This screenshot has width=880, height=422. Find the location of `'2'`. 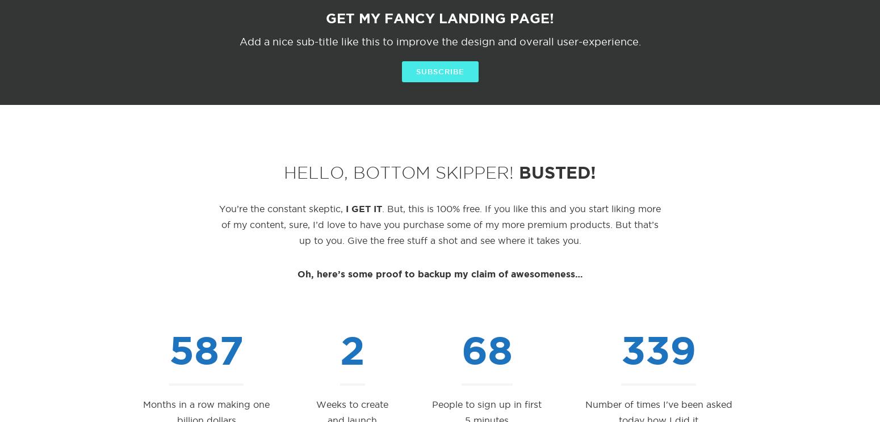

'2' is located at coordinates (352, 349).